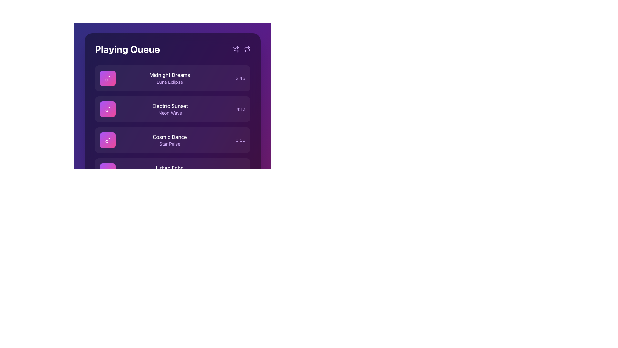 The width and height of the screenshot is (618, 348). Describe the element at coordinates (173, 171) in the screenshot. I see `the fourth music track card in the 'Playing Queue' list` at that location.